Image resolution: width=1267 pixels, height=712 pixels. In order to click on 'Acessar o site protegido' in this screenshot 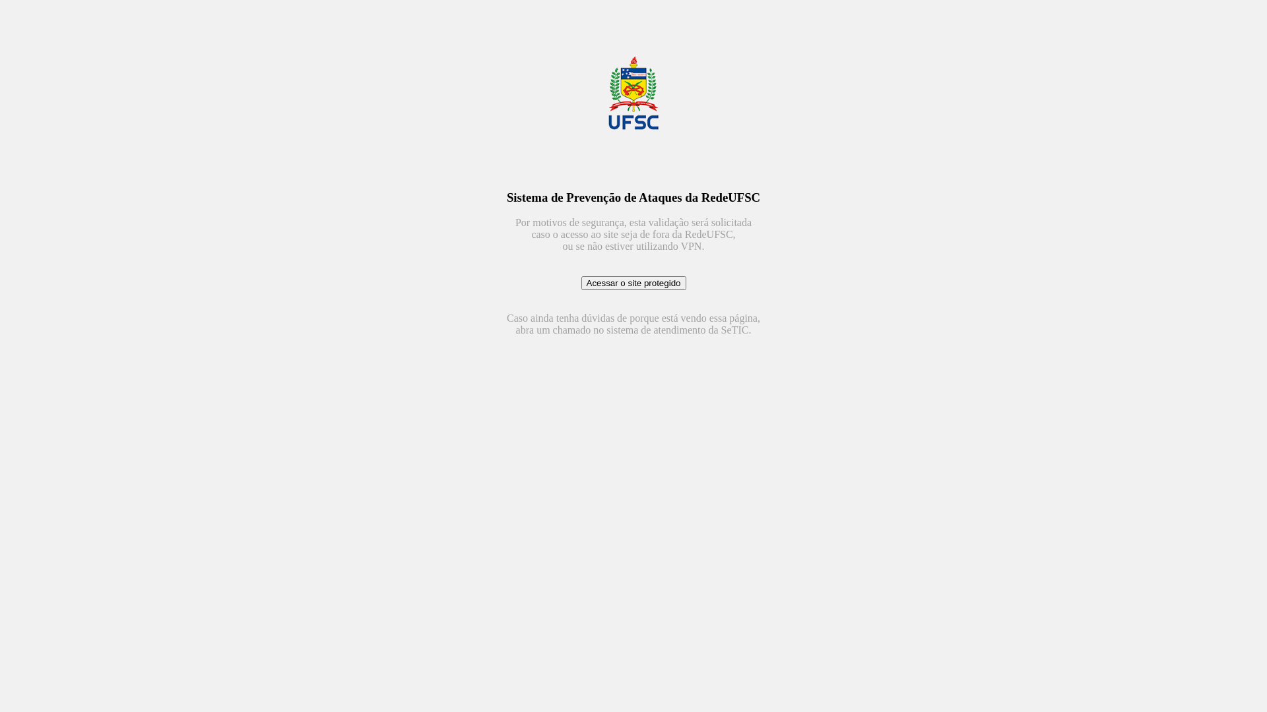, I will do `click(632, 282)`.